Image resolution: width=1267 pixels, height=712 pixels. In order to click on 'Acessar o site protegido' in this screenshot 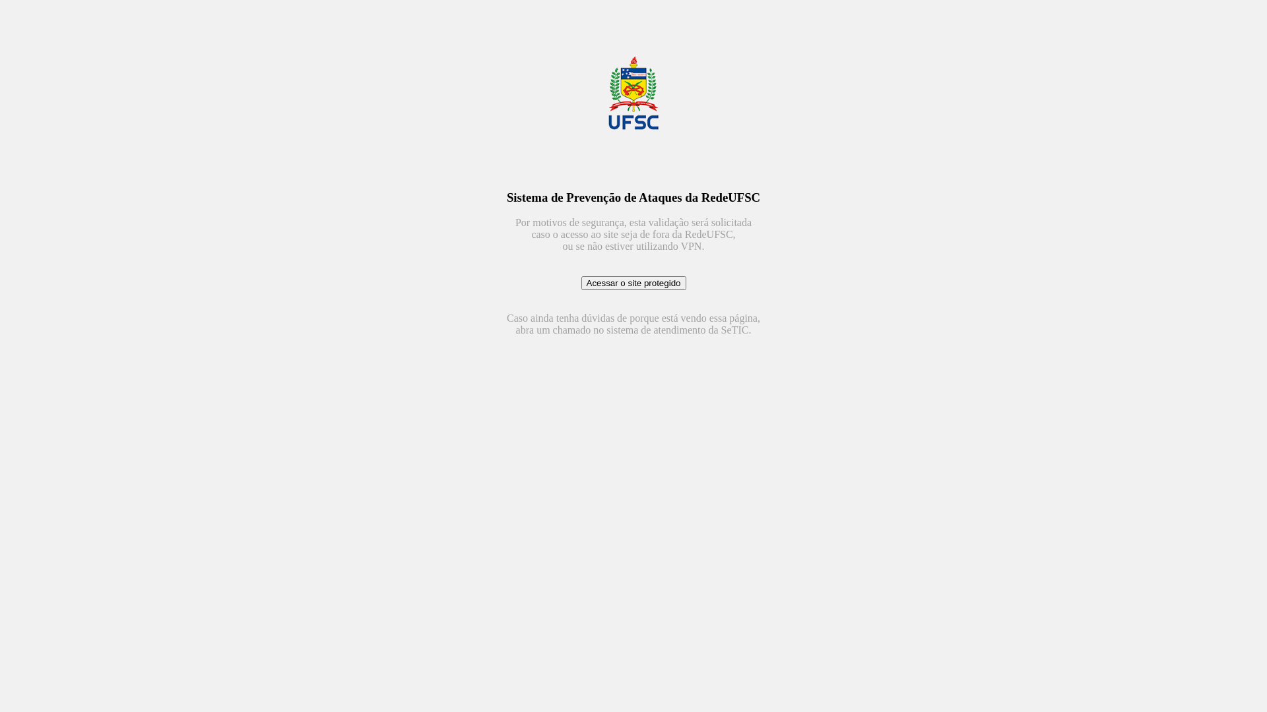, I will do `click(632, 282)`.